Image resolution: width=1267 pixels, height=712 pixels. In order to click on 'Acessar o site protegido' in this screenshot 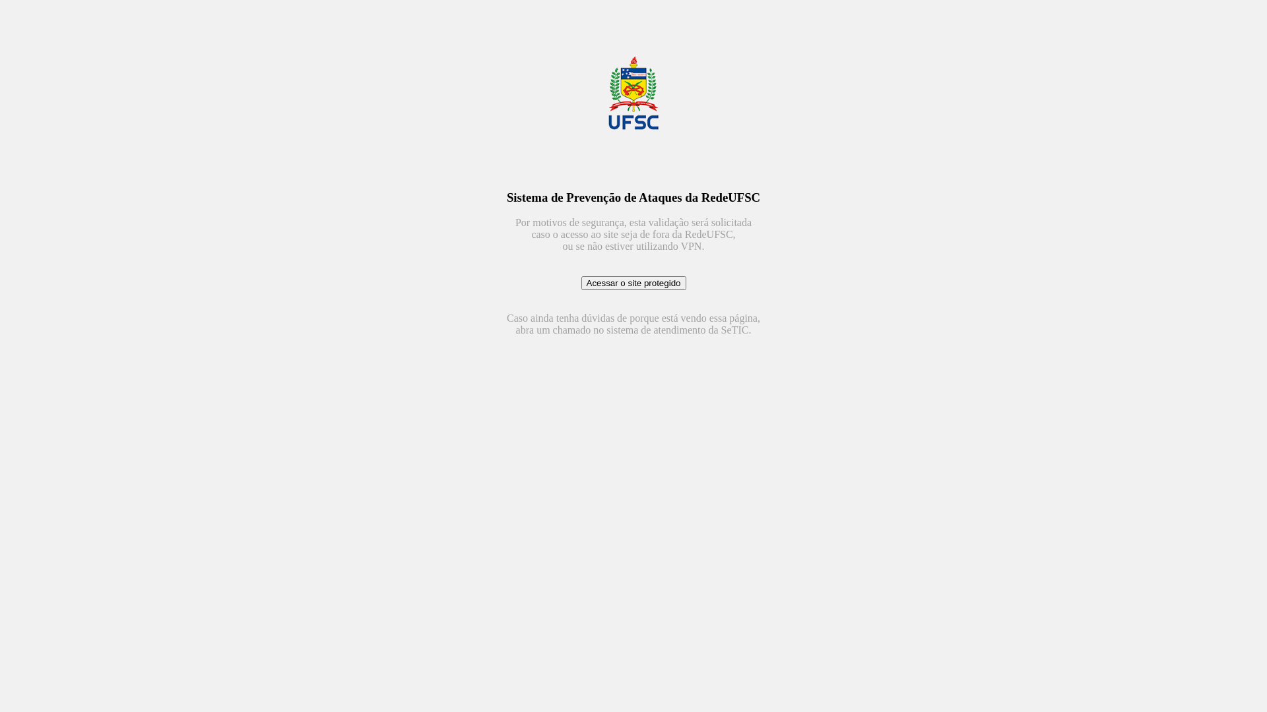, I will do `click(632, 282)`.